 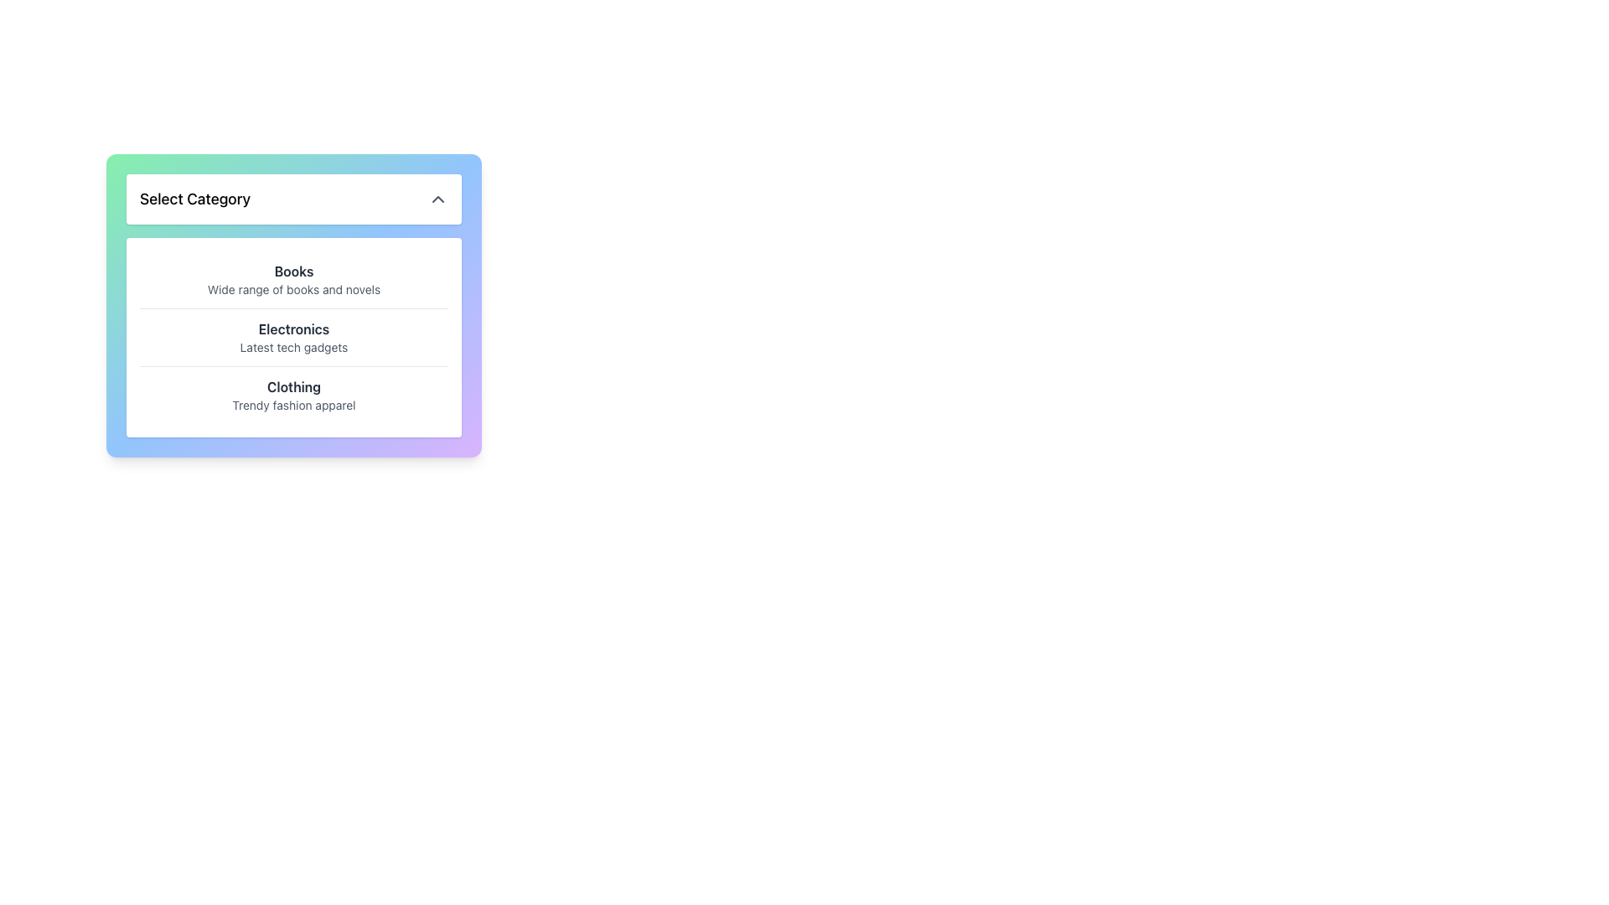 What do you see at coordinates (293, 337) in the screenshot?
I see `the 'Electronics' text label with descriptive subtext 'Latest tech gadgets'` at bounding box center [293, 337].